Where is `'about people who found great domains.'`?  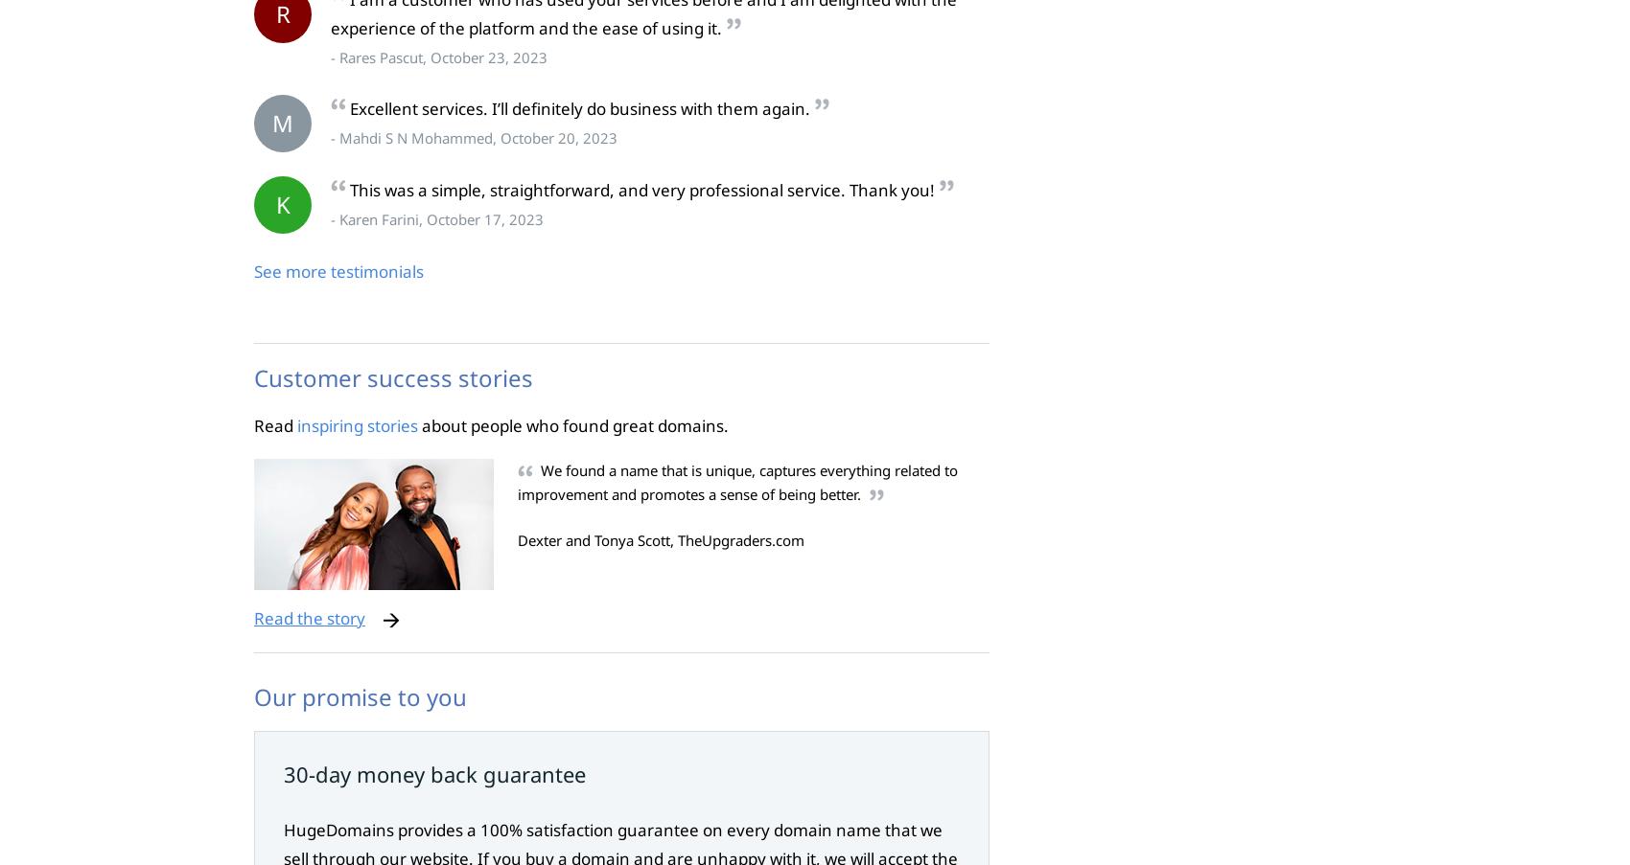
'about people who found great domains.' is located at coordinates (572, 423).